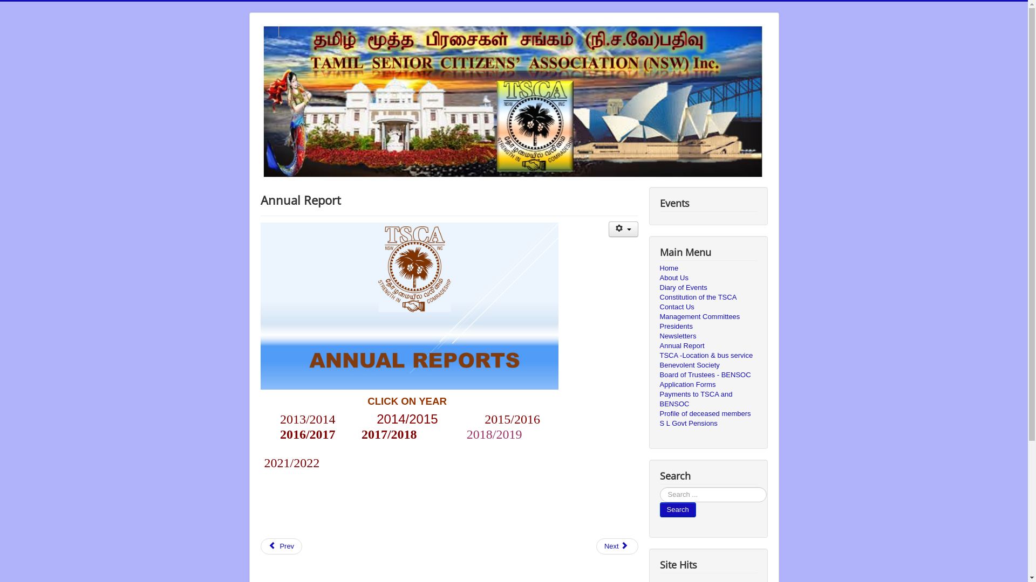  I want to click on '2017/2018', so click(388, 435).